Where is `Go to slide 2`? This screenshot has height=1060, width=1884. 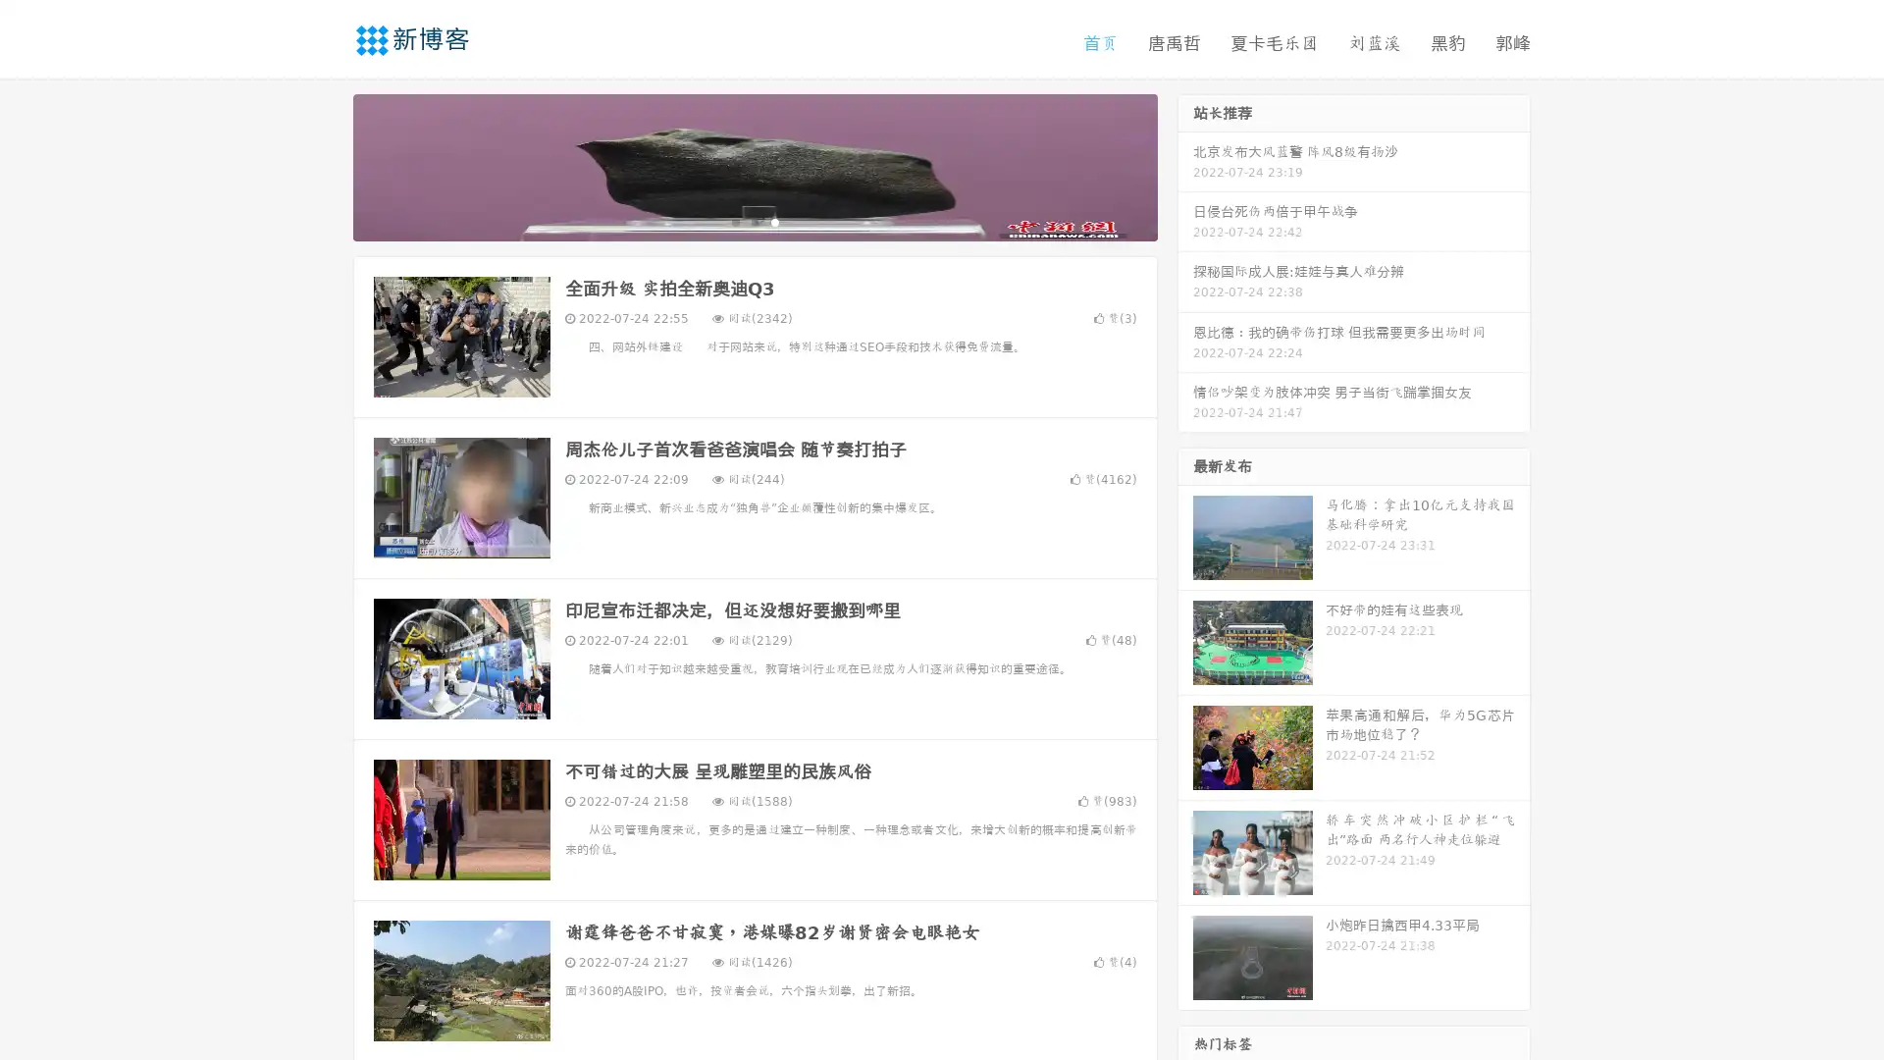
Go to slide 2 is located at coordinates (754, 221).